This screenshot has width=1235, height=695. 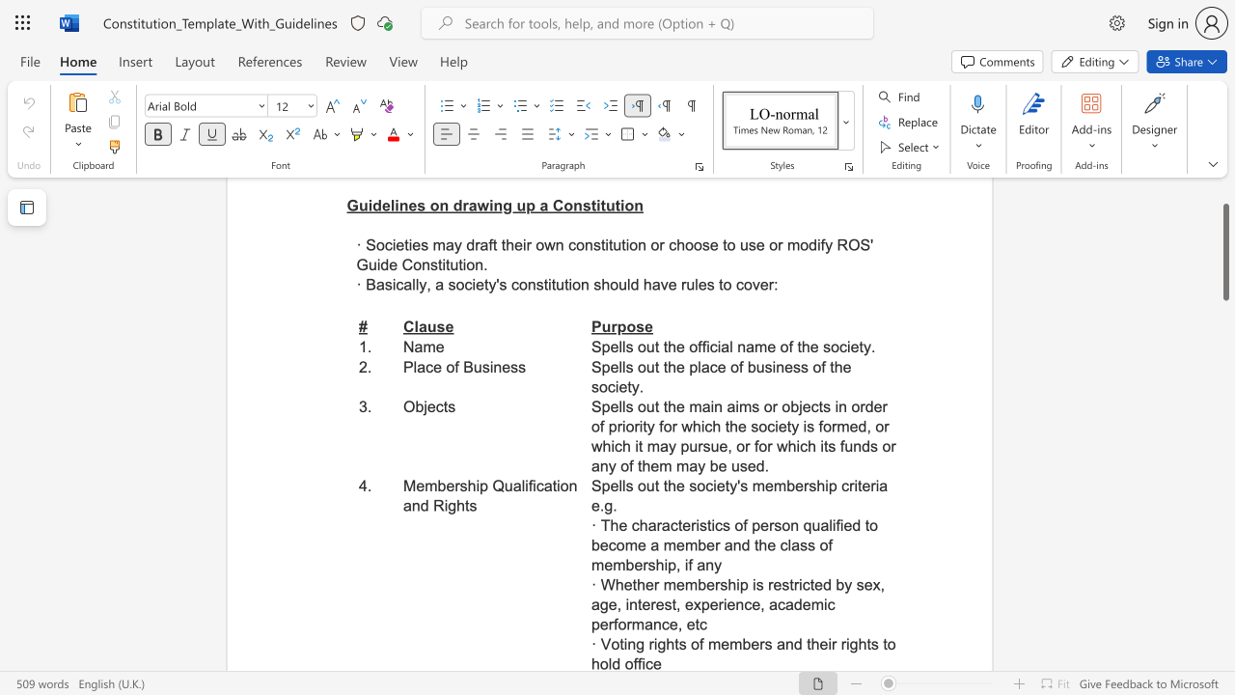 What do you see at coordinates (1224, 251) in the screenshot?
I see `the scrollbar and move up 80 pixels` at bounding box center [1224, 251].